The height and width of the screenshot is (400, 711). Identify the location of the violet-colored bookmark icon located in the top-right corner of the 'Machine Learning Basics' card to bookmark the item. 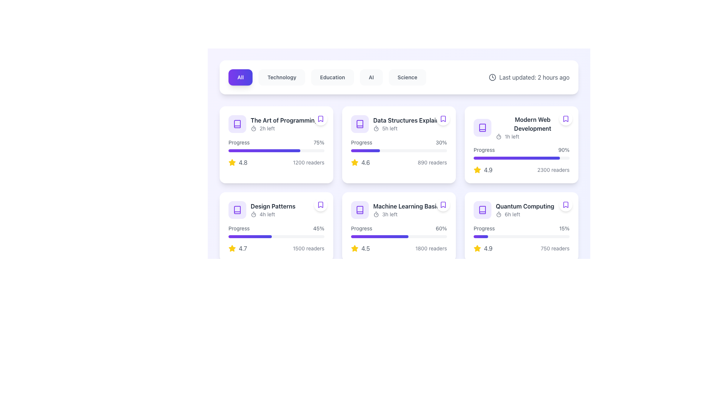
(443, 204).